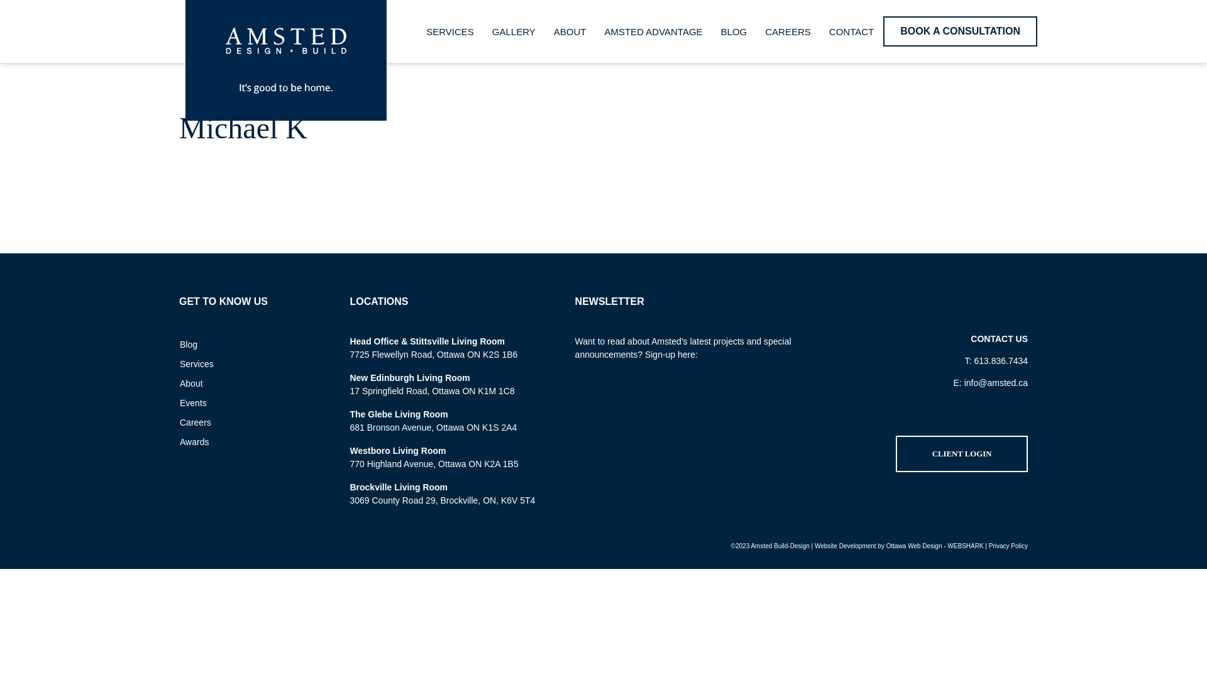 The width and height of the screenshot is (1207, 679). What do you see at coordinates (914, 545) in the screenshot?
I see `'Ottawa Web Design'` at bounding box center [914, 545].